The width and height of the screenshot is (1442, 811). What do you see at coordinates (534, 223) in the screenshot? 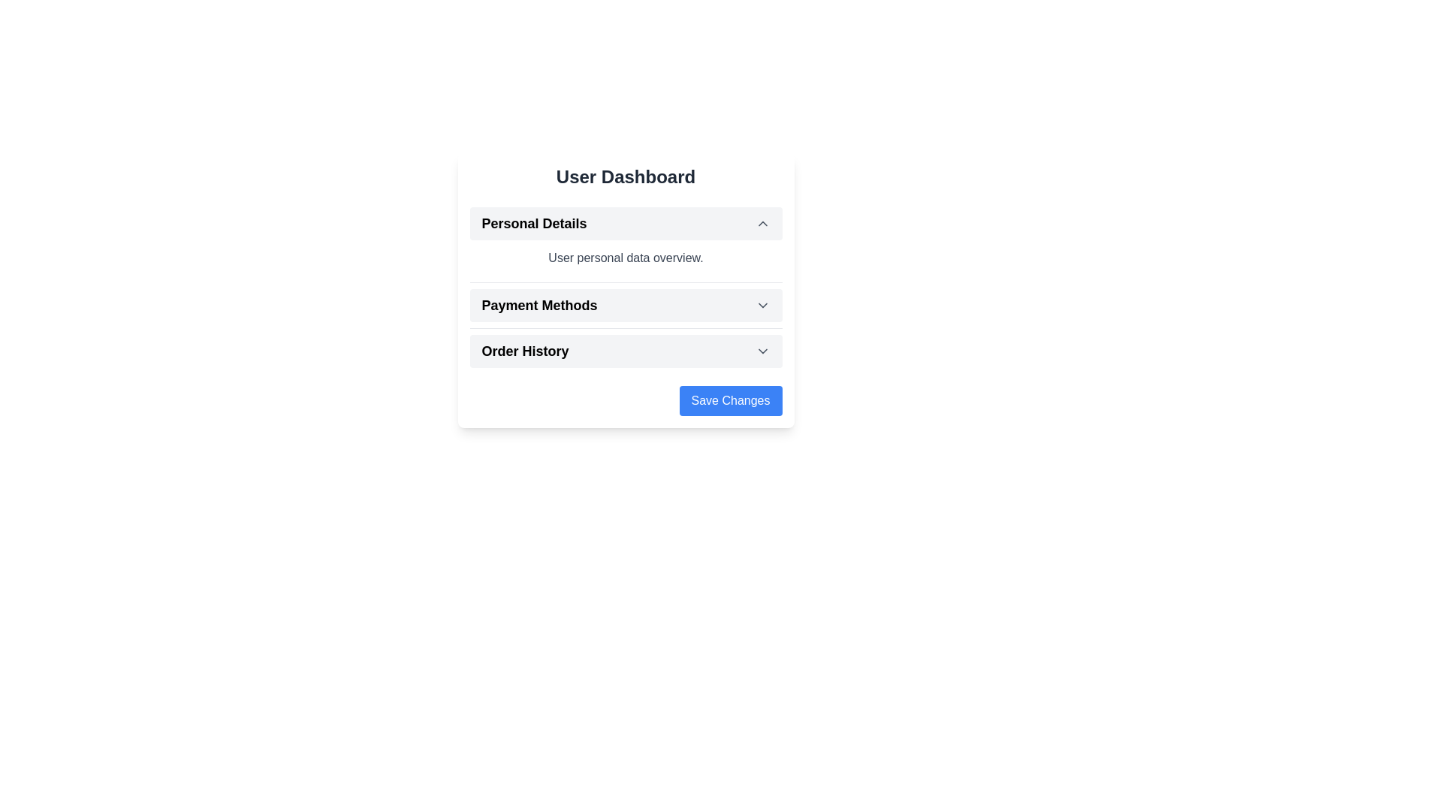
I see `the 'Personal Details' text label element styled with a bold font, located at the left of the header block for the 'Personal Details' section` at bounding box center [534, 223].